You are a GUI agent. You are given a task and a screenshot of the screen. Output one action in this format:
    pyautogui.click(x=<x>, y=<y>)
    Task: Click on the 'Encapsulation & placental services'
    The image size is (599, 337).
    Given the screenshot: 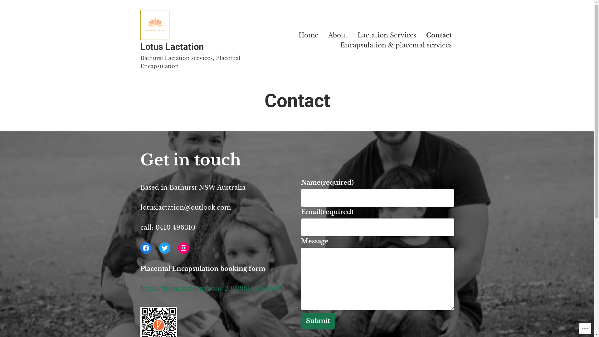 What is the action you would take?
    pyautogui.click(x=395, y=45)
    